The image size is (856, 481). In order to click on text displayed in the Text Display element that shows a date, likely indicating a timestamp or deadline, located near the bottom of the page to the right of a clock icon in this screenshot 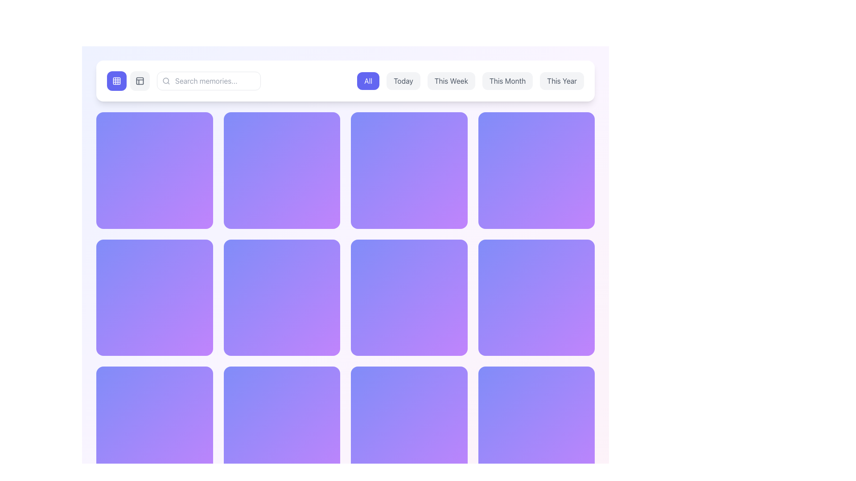, I will do `click(258, 461)`.